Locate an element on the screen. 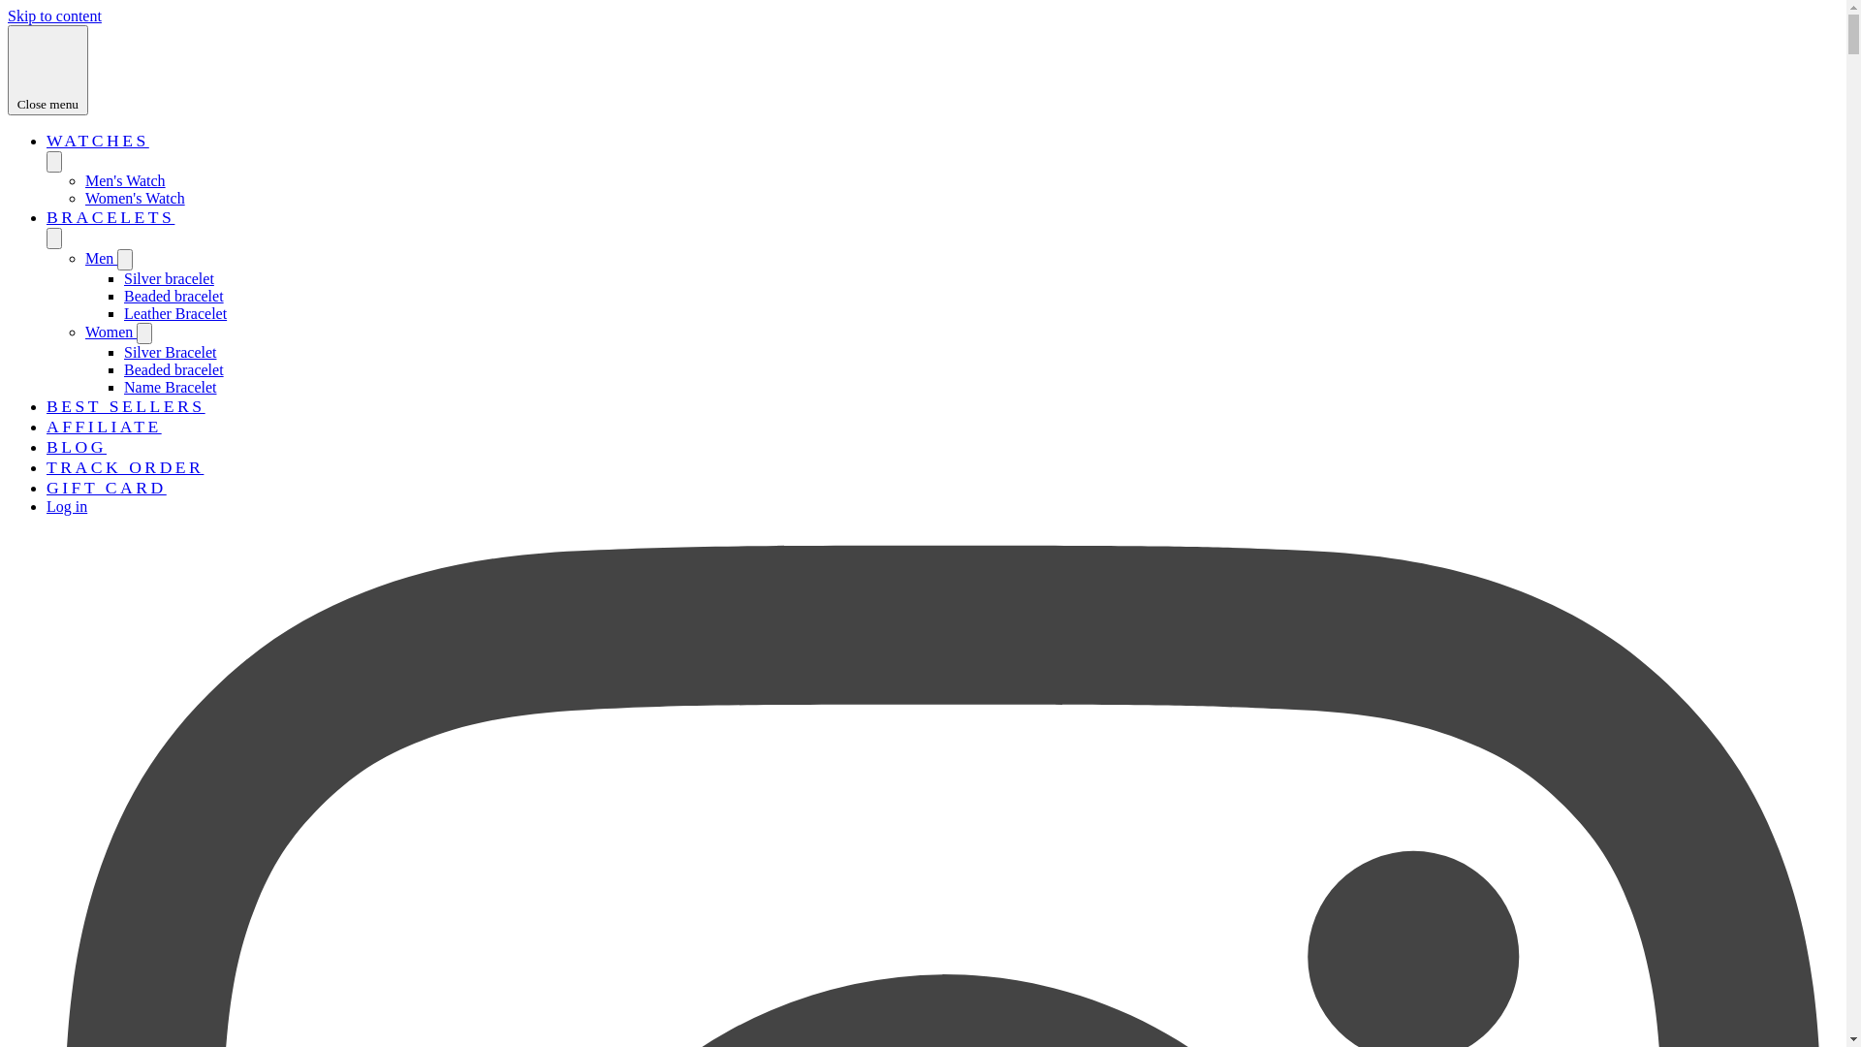 This screenshot has height=1047, width=1861. 'Skip to content' is located at coordinates (54, 16).